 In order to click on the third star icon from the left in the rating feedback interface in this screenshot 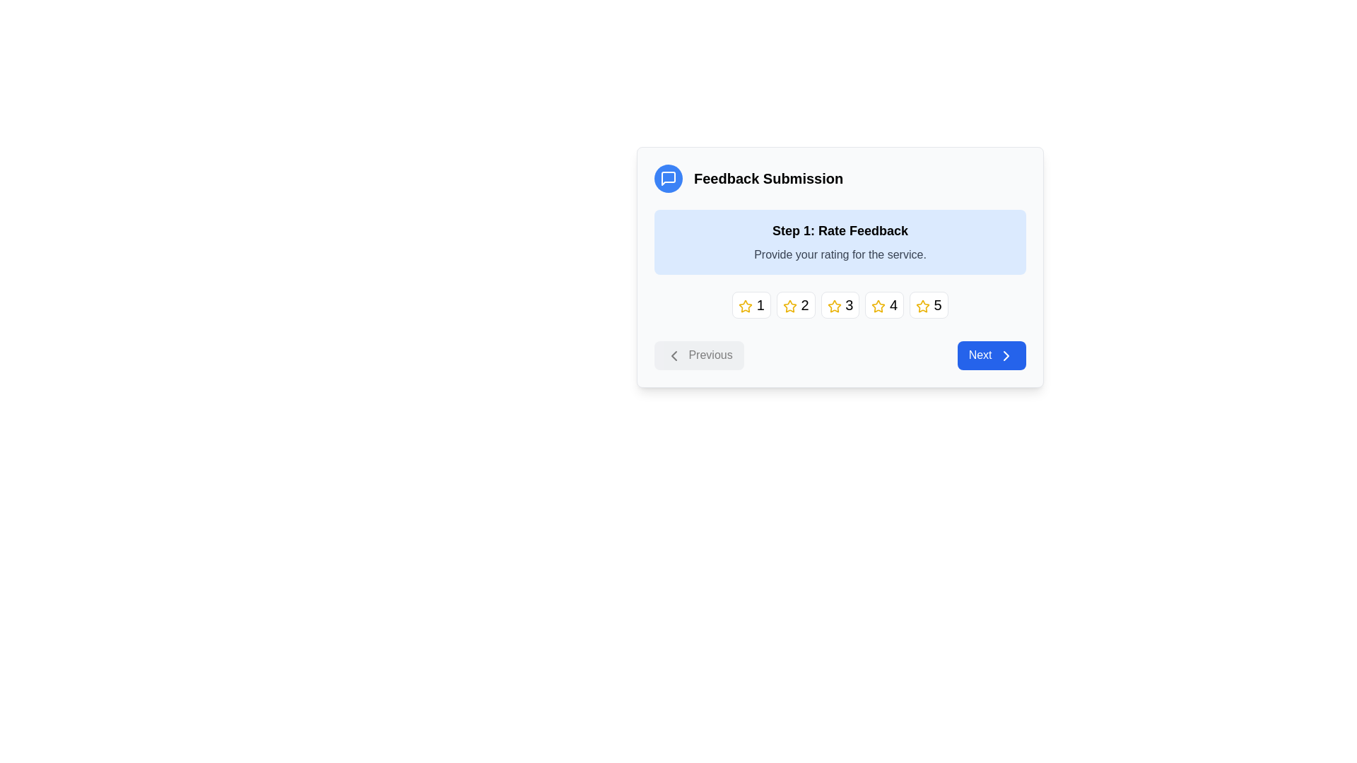, I will do `click(834, 304)`.